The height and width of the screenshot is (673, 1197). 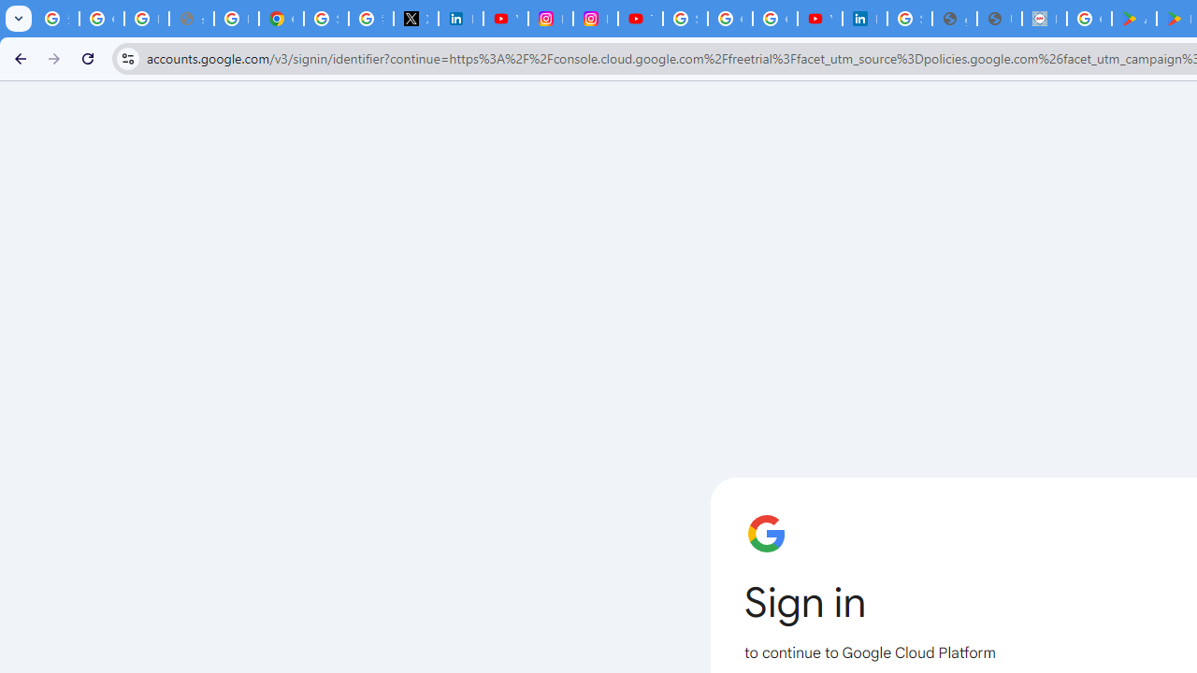 What do you see at coordinates (460, 19) in the screenshot?
I see `'LinkedIn Privacy Policy'` at bounding box center [460, 19].